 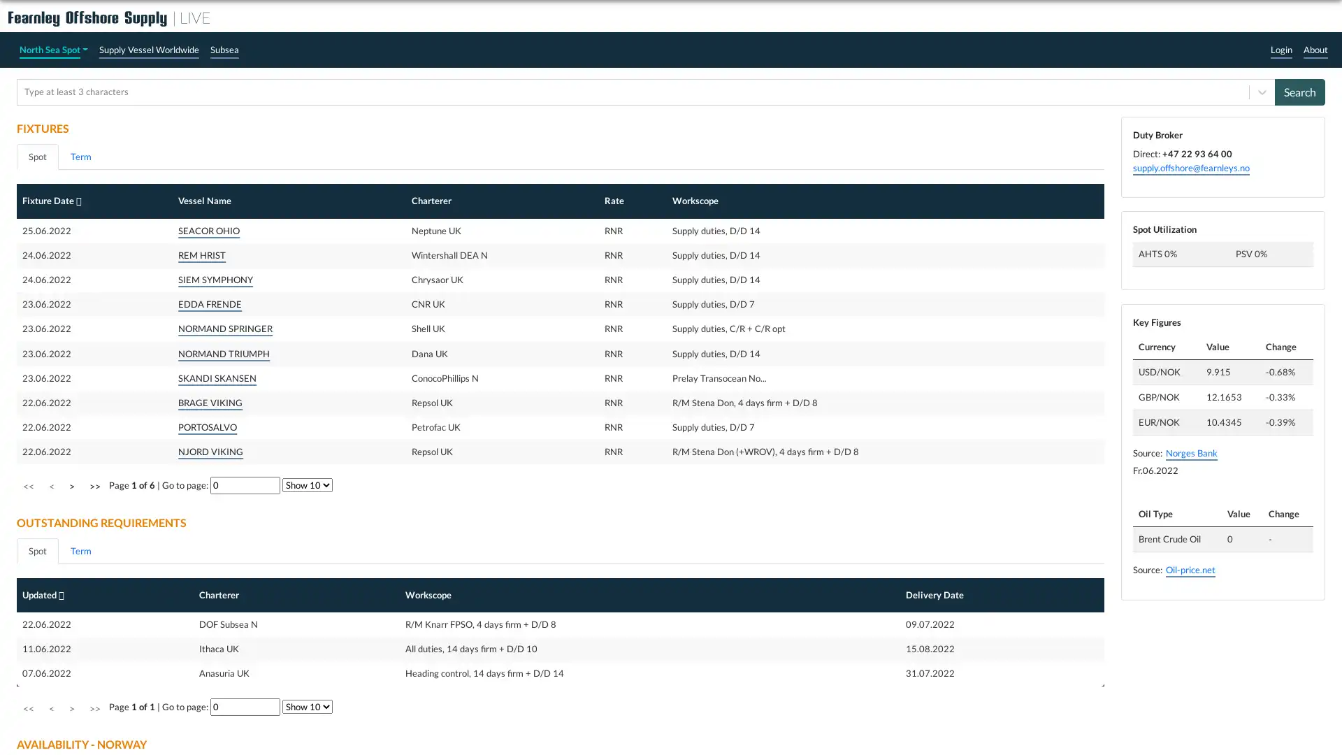 I want to click on <<, so click(x=29, y=485).